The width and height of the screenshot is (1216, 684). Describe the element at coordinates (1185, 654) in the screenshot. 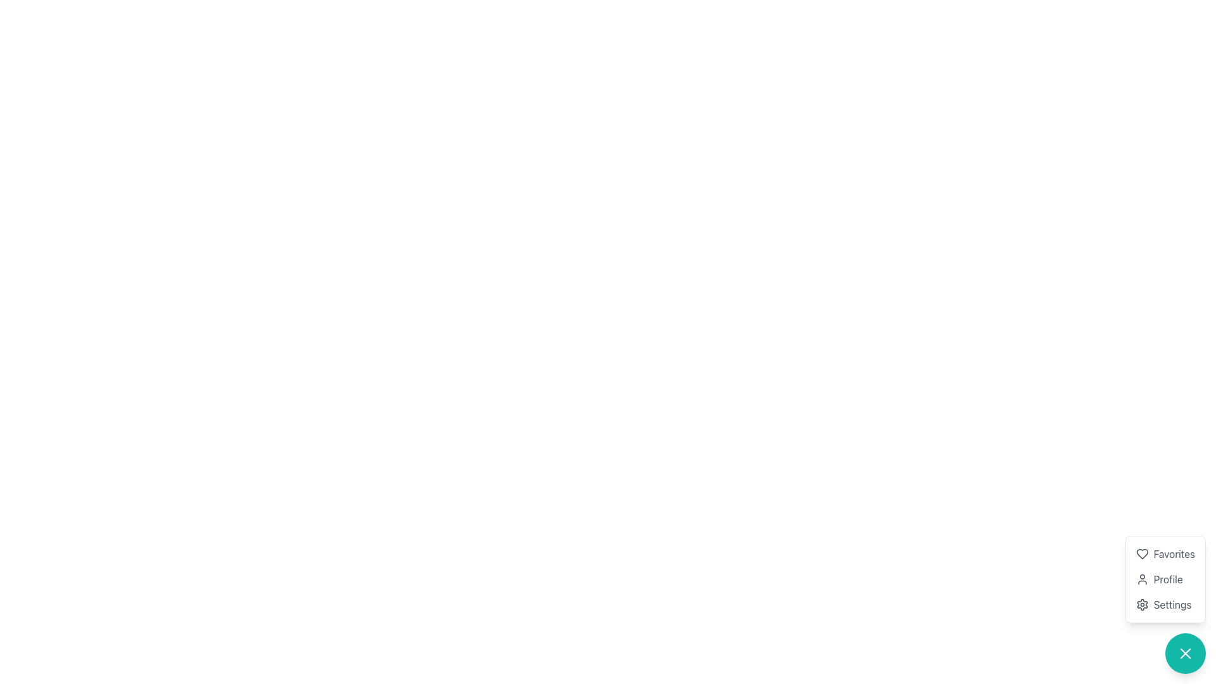

I see `the close button icon located at the bottom-right corner of the interface, which is a circular button with a teal background` at that location.